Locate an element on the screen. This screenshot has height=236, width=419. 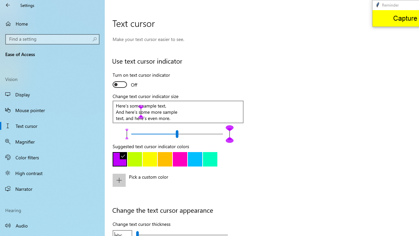
'Turquoise' is located at coordinates (194, 159).